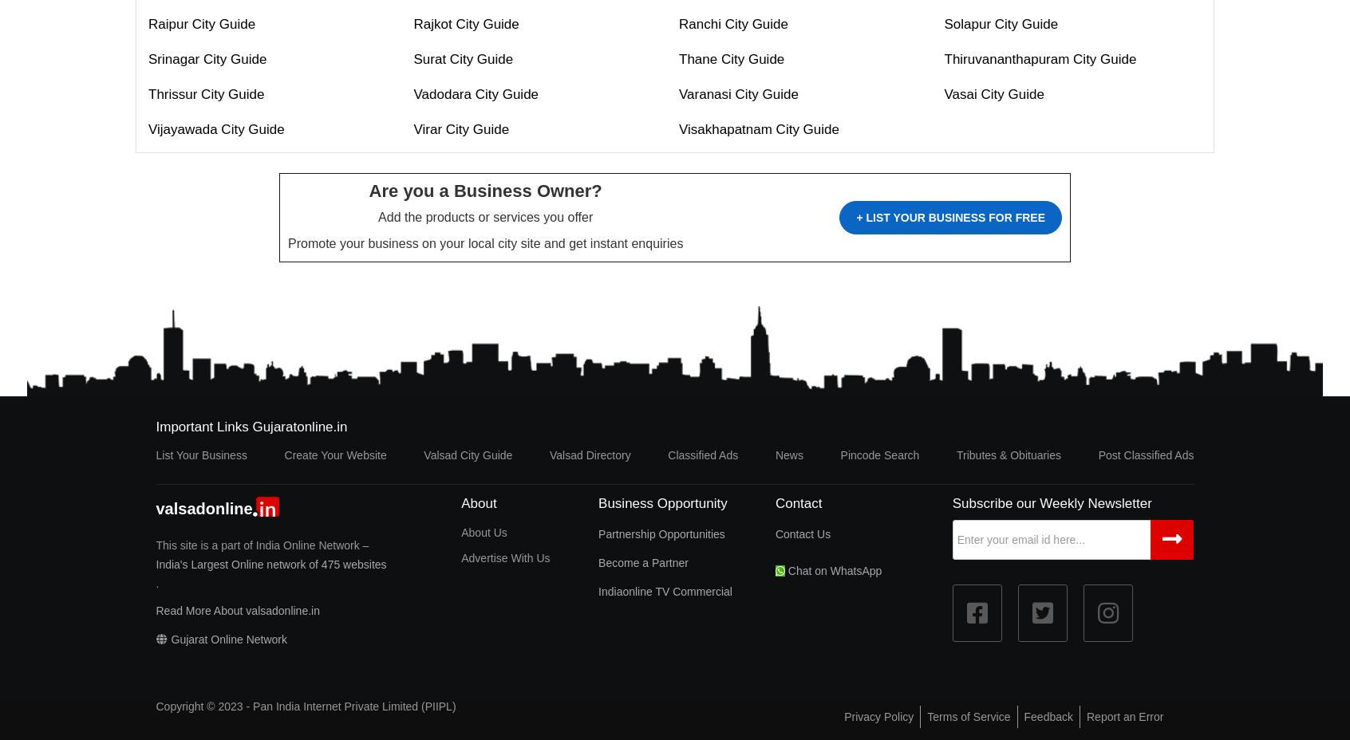 Image resolution: width=1350 pixels, height=740 pixels. What do you see at coordinates (236, 609) in the screenshot?
I see `'Read  More About valsadonline.in'` at bounding box center [236, 609].